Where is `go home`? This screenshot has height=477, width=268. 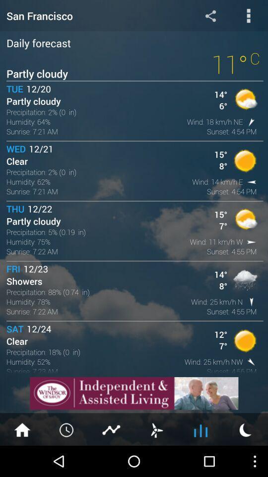
go home is located at coordinates (22, 429).